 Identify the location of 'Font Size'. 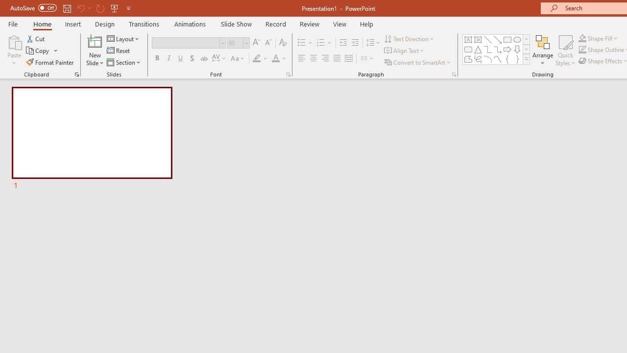
(235, 42).